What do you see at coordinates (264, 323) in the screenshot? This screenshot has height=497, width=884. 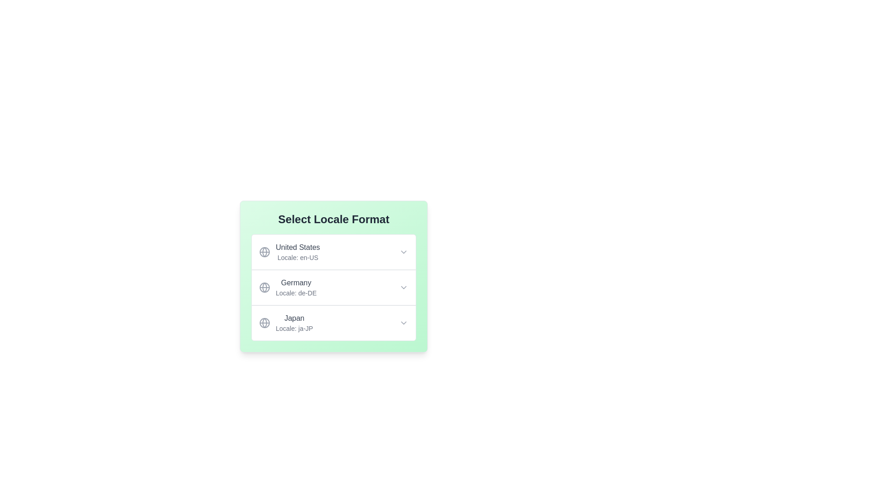 I see `the Japan locale selection icon, which is the leftmost element in its row, visually representing the Japan locale` at bounding box center [264, 323].